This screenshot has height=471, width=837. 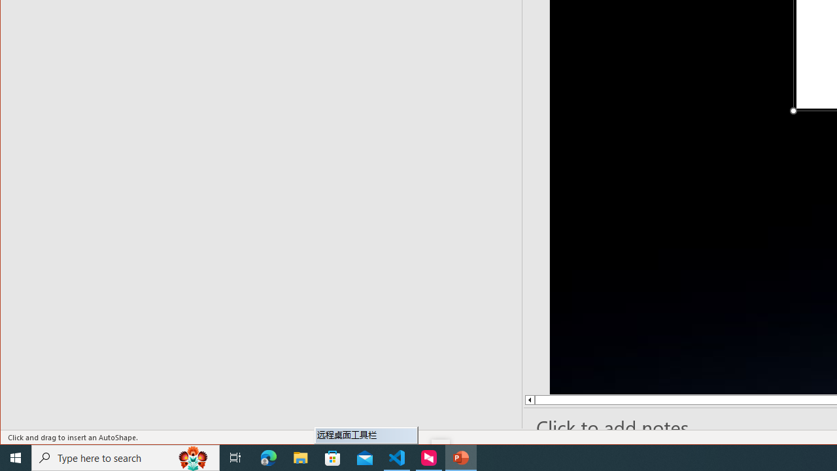 I want to click on 'PowerPoint - 1 running window', so click(x=461, y=457).